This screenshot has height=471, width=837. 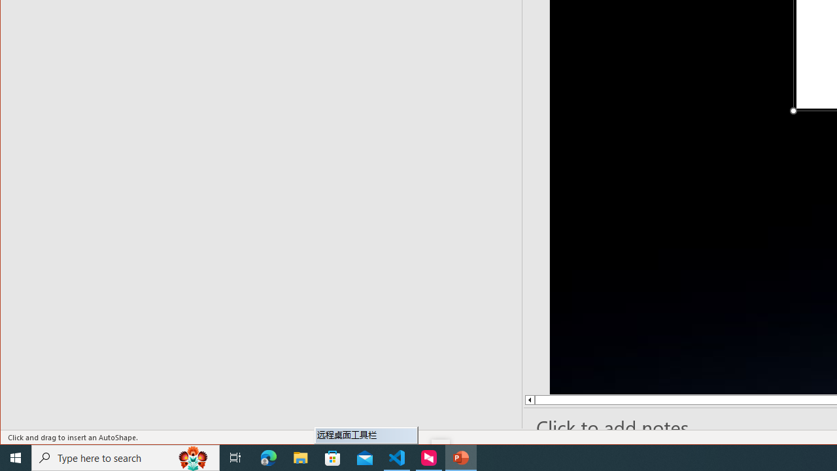 I want to click on 'PowerPoint - 1 running window', so click(x=461, y=457).